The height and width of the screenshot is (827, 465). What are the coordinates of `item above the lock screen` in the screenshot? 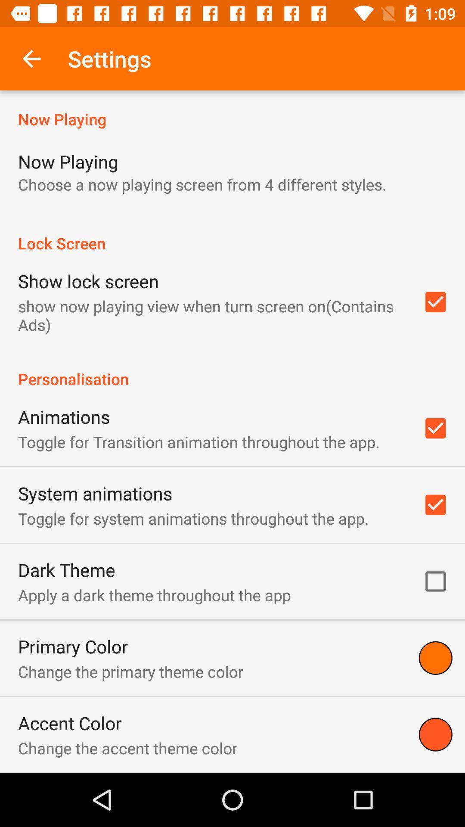 It's located at (202, 184).